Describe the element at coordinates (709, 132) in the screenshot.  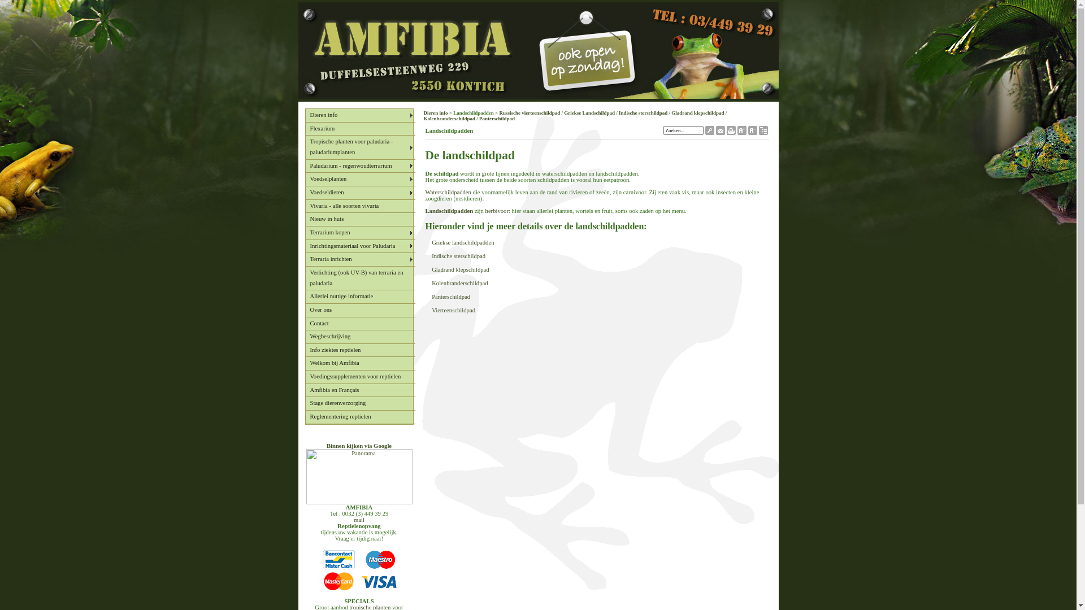
I see `'Zoeken'` at that location.